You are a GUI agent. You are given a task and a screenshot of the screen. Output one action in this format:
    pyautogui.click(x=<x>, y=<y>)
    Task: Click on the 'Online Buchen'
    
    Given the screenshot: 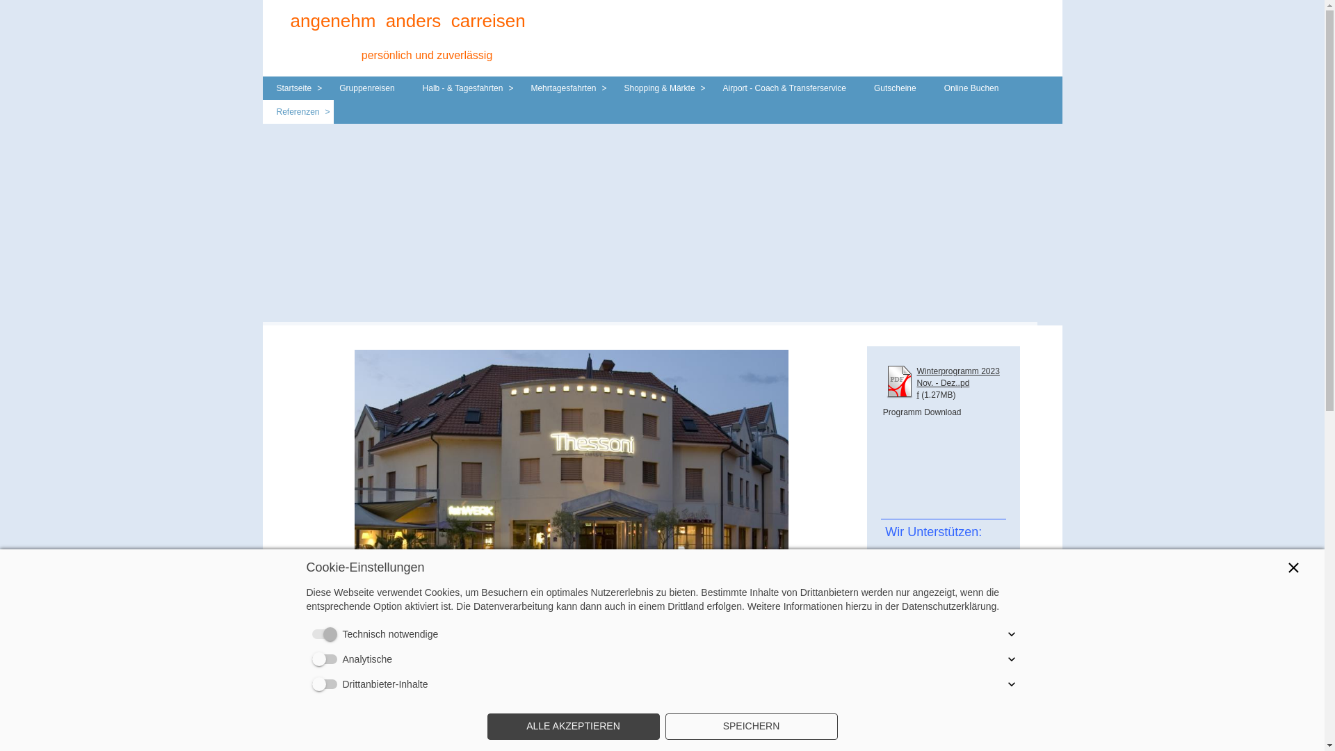 What is the action you would take?
    pyautogui.click(x=930, y=88)
    